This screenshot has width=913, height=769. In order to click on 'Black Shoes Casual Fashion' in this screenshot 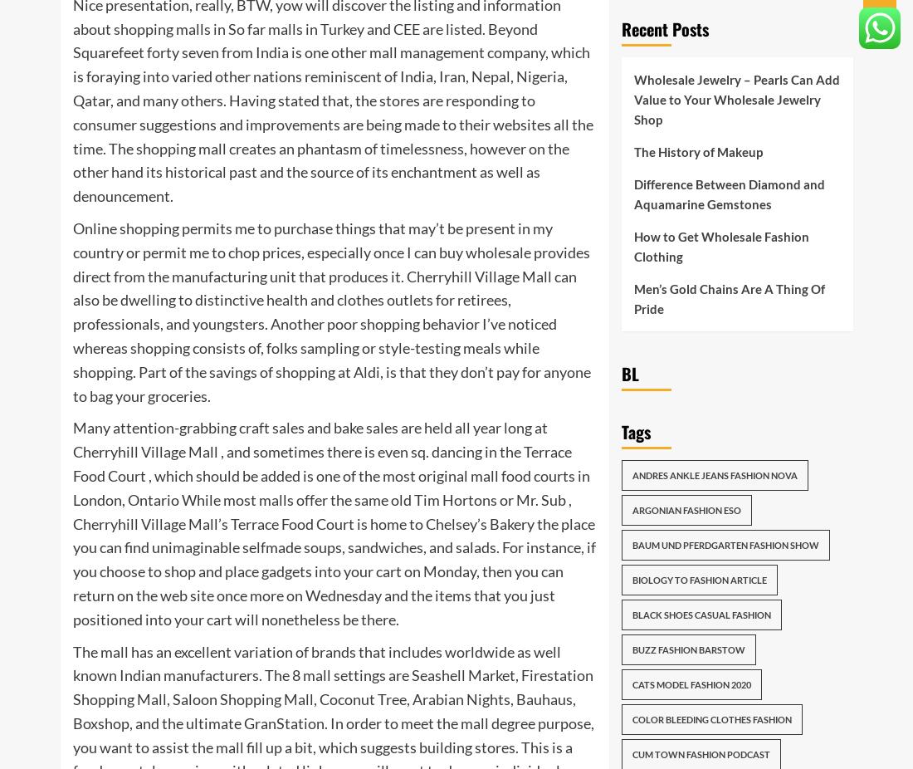, I will do `click(700, 615)`.